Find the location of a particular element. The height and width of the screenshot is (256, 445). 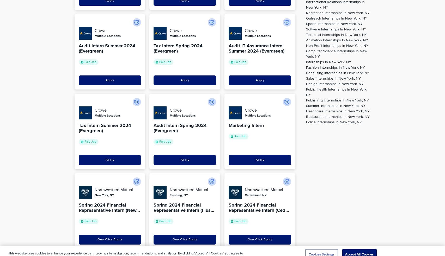

'Sports Internships in New York, NY' is located at coordinates (334, 24).